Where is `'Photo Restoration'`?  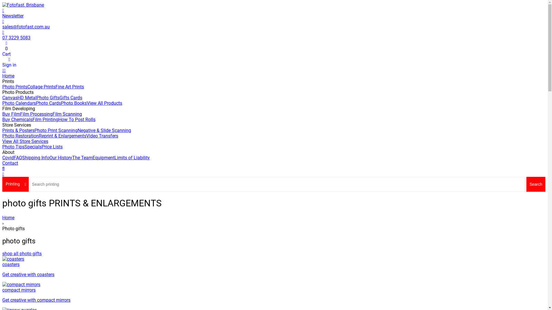 'Photo Restoration' is located at coordinates (20, 136).